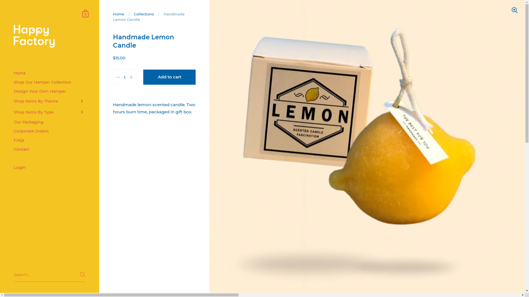  I want to click on 'Contact', so click(0, 149).